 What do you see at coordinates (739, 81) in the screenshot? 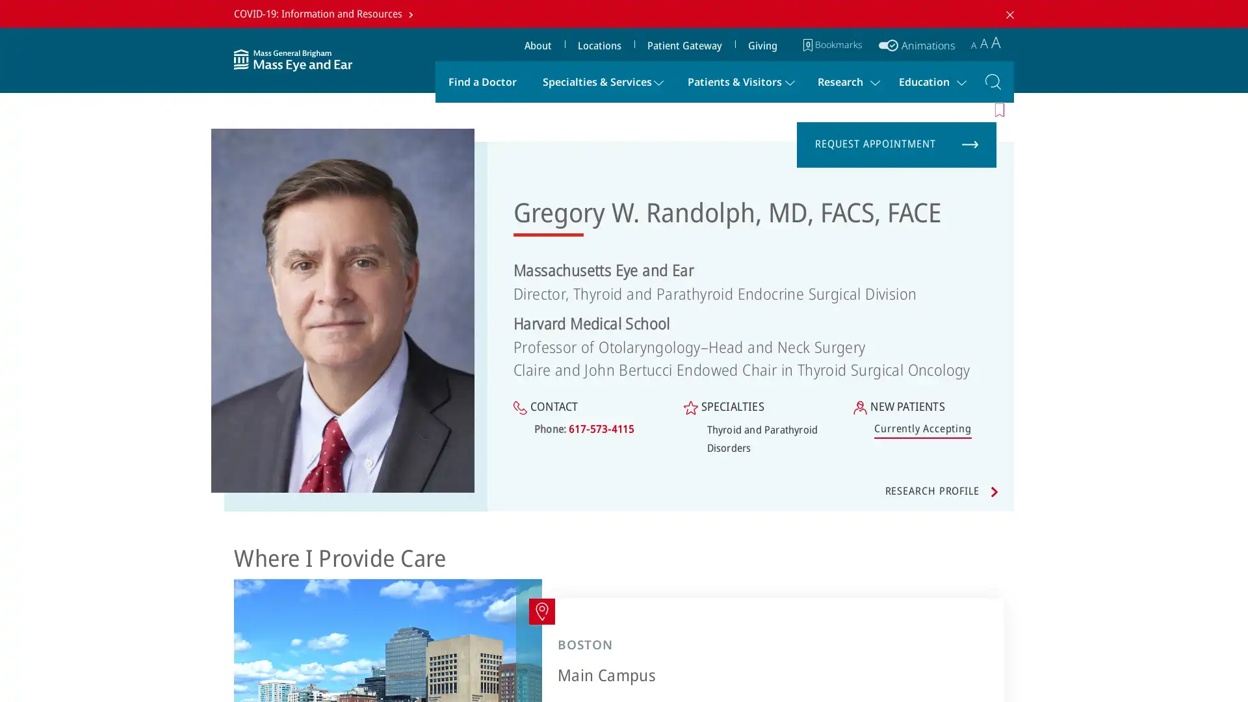
I see `Patients & Visitors` at bounding box center [739, 81].